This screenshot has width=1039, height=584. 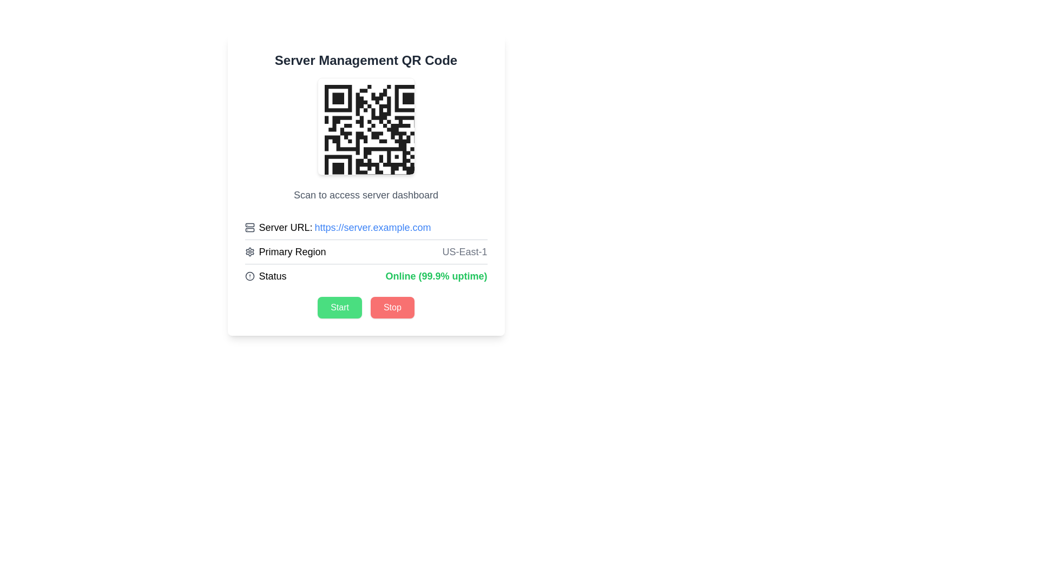 What do you see at coordinates (249, 227) in the screenshot?
I see `the server icon located on the left side of the 'Server URL: https://server.example.com' row, which visually represents a server and is directly preceding the text 'Server URL'` at bounding box center [249, 227].